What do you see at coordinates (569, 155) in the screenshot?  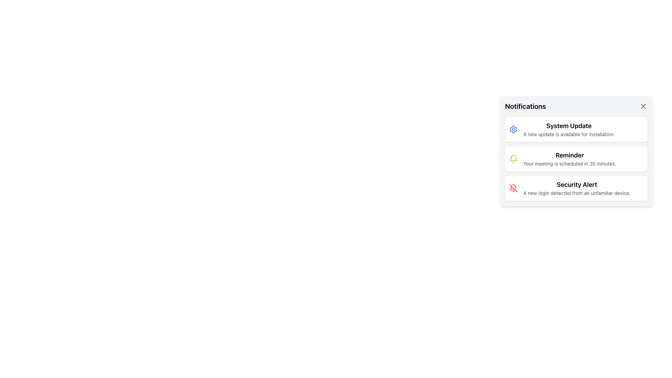 I see `text content of the Text Label that indicates the type of notification below it, located near the top of the 'Notifications' box` at bounding box center [569, 155].